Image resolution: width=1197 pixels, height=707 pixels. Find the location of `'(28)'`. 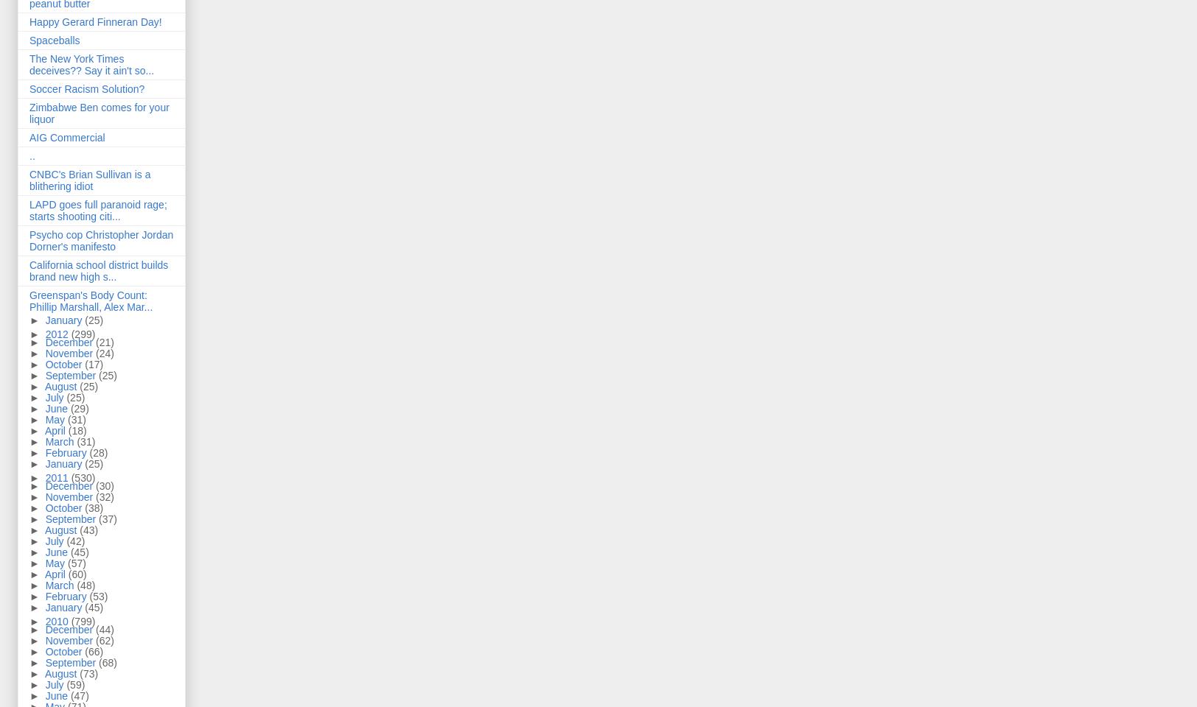

'(28)' is located at coordinates (88, 451).